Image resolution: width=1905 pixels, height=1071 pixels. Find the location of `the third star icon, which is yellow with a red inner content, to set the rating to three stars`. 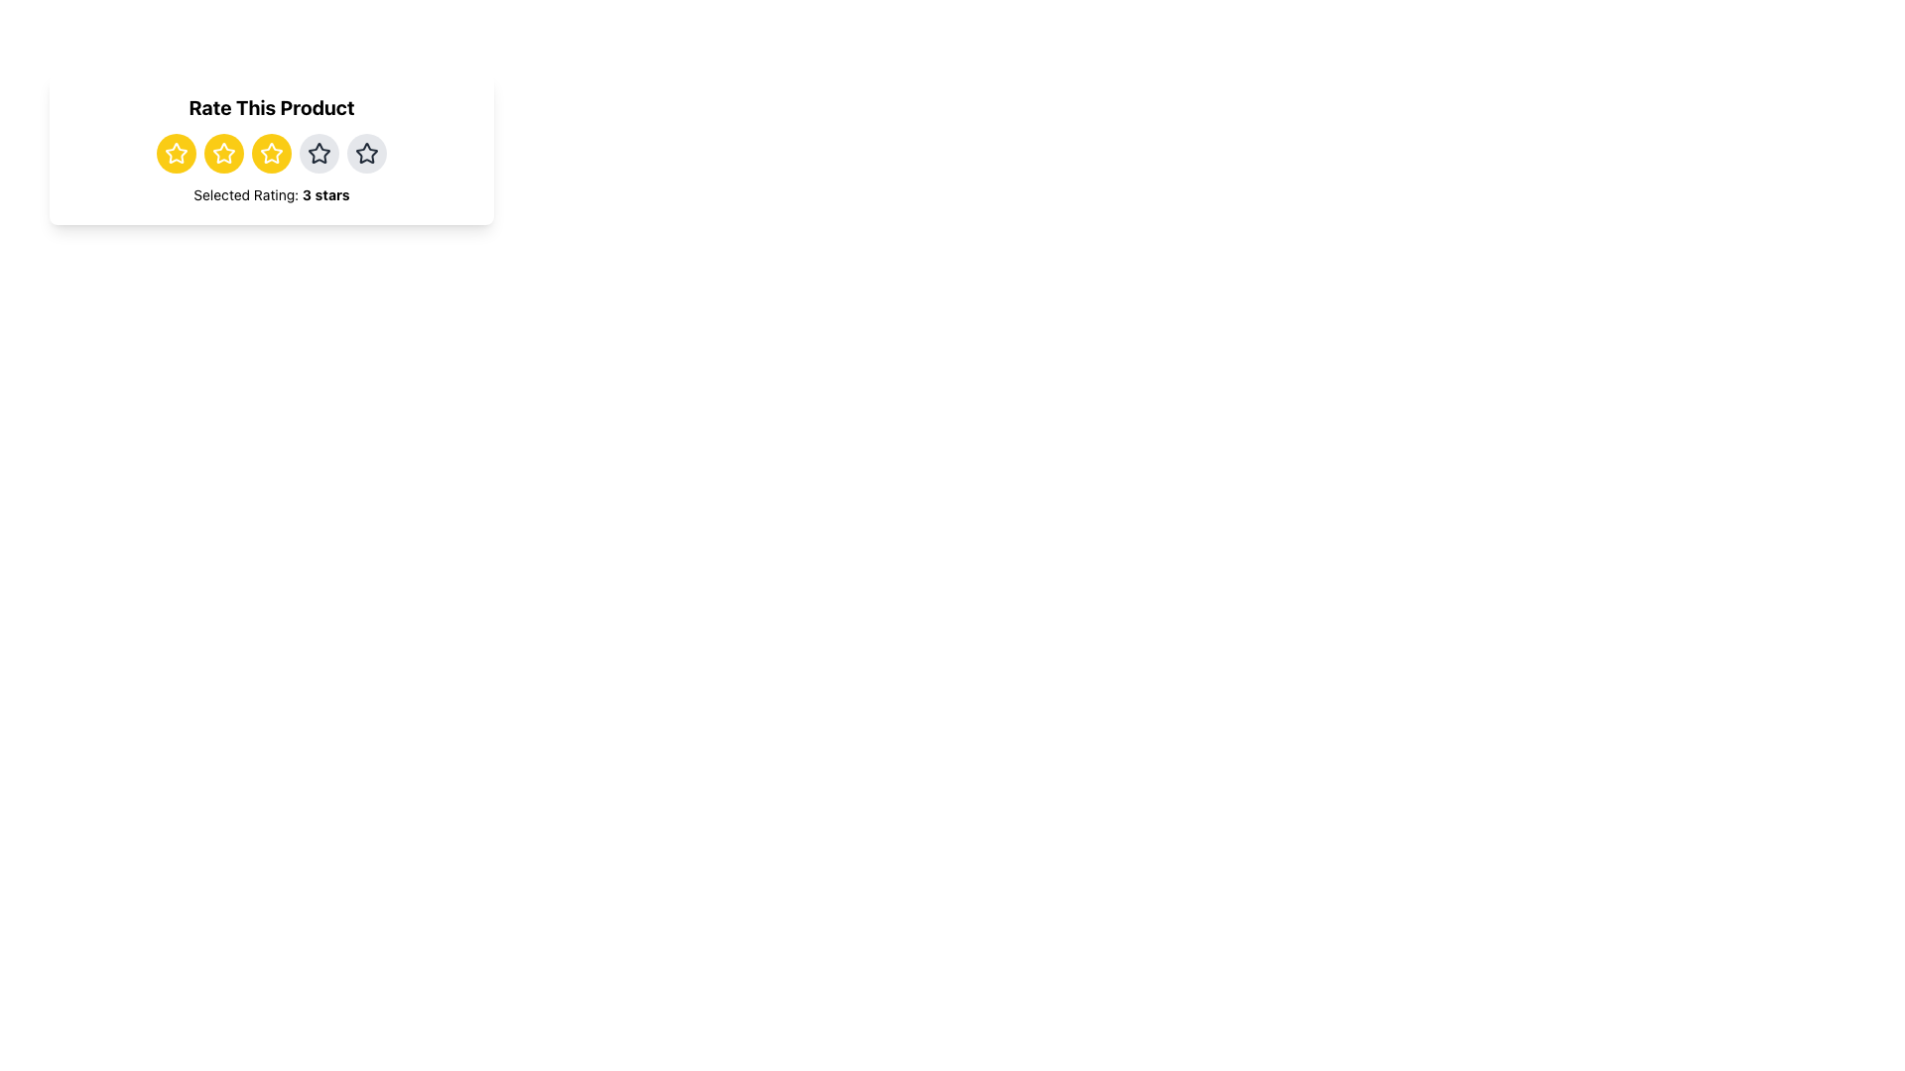

the third star icon, which is yellow with a red inner content, to set the rating to three stars is located at coordinates (270, 152).